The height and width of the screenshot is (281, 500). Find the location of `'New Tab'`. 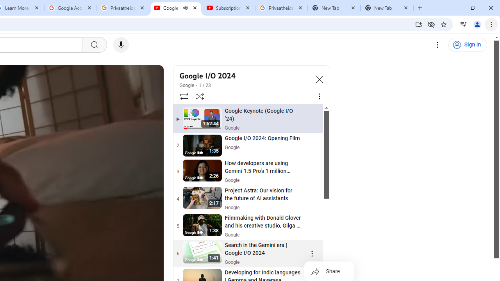

'New Tab' is located at coordinates (387, 8).